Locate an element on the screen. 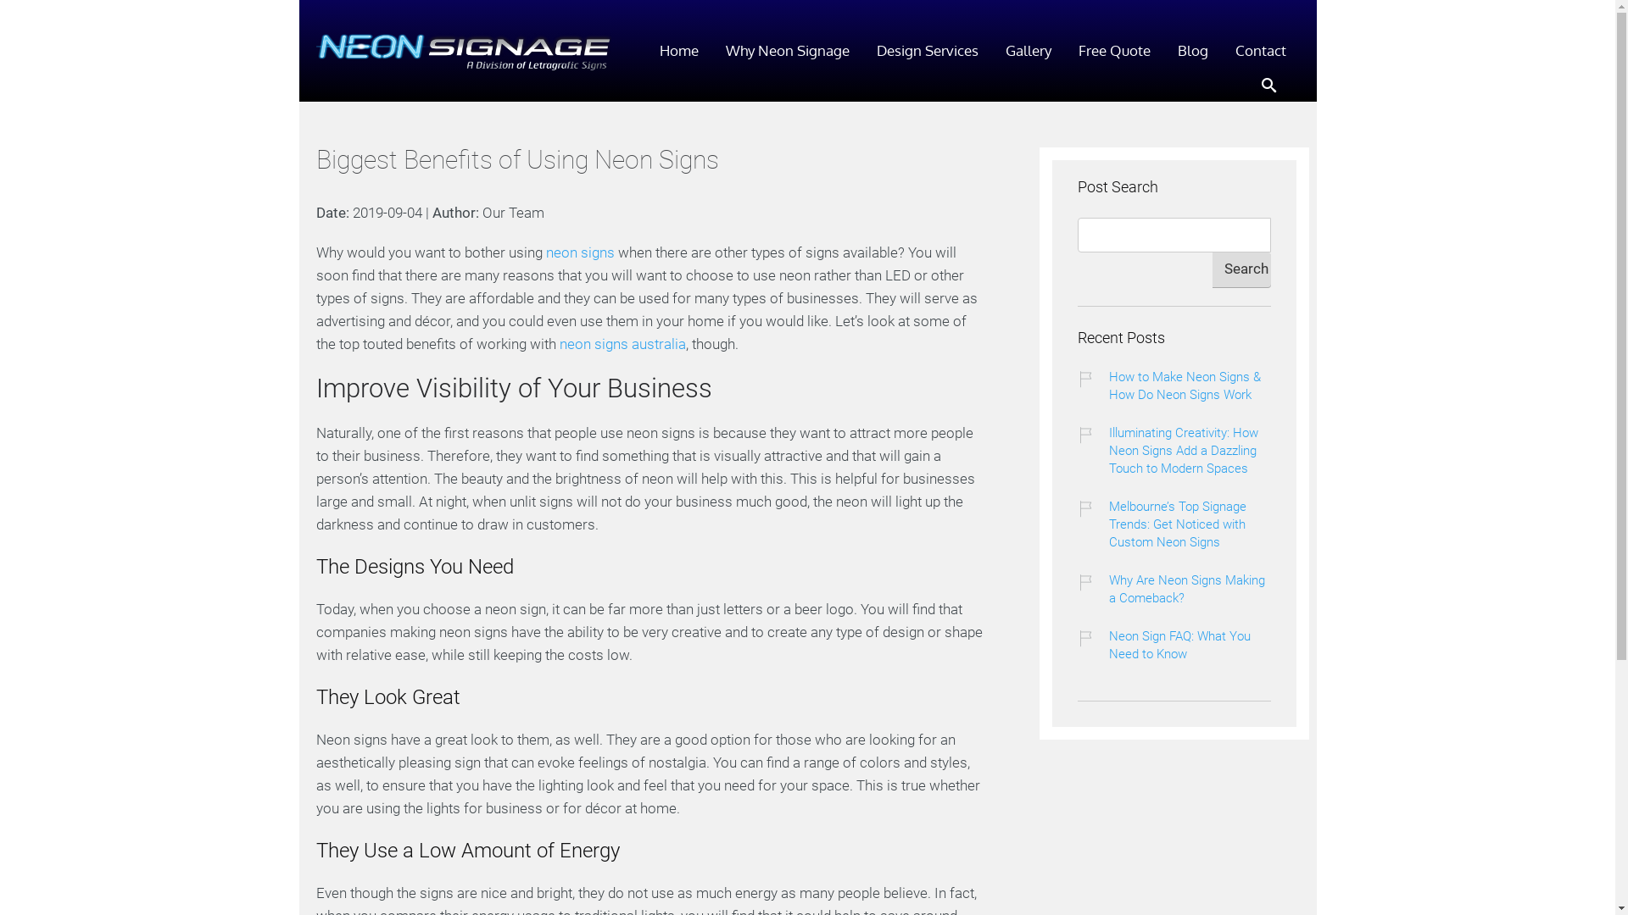 Image resolution: width=1628 pixels, height=915 pixels. 'Why Are Neon Signs Making a Comeback?' is located at coordinates (1189, 588).